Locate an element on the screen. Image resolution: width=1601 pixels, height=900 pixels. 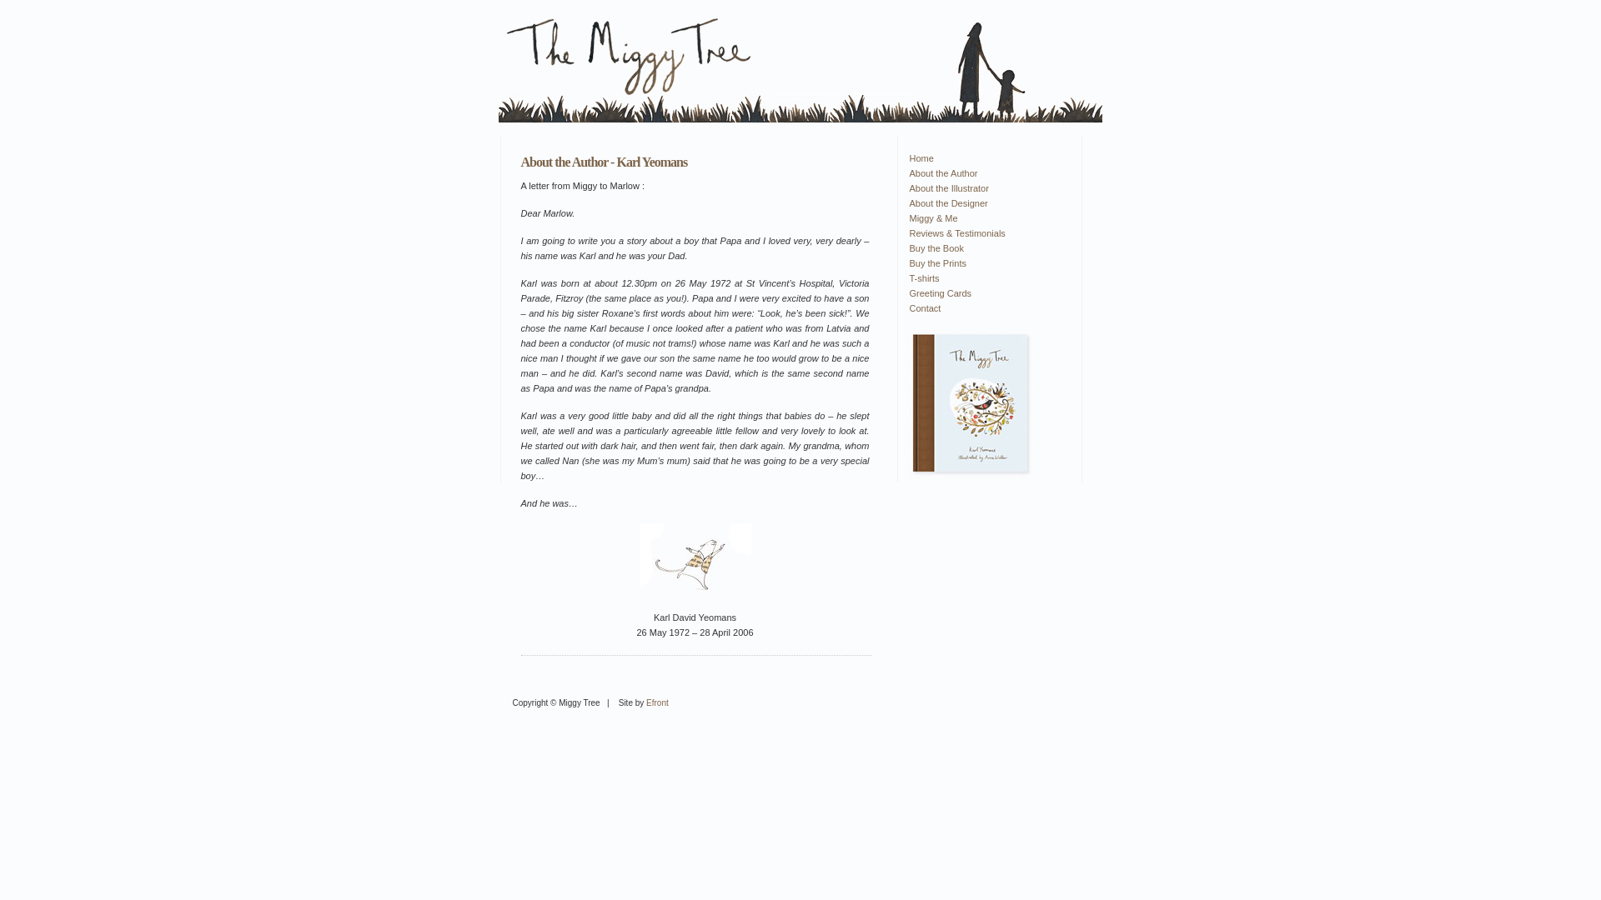
'The Miggy Tree' is located at coordinates (969, 404).